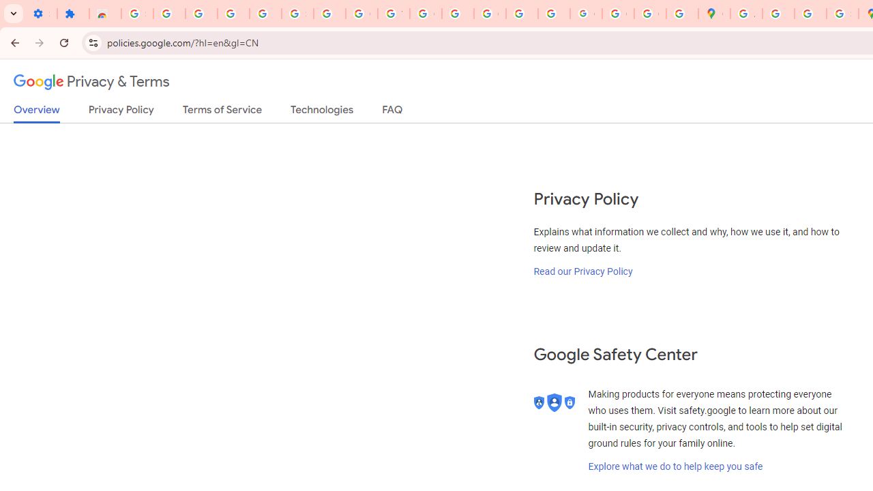 This screenshot has height=491, width=873. What do you see at coordinates (201, 14) in the screenshot?
I see `'Delete photos & videos - Computer - Google Photos Help'` at bounding box center [201, 14].